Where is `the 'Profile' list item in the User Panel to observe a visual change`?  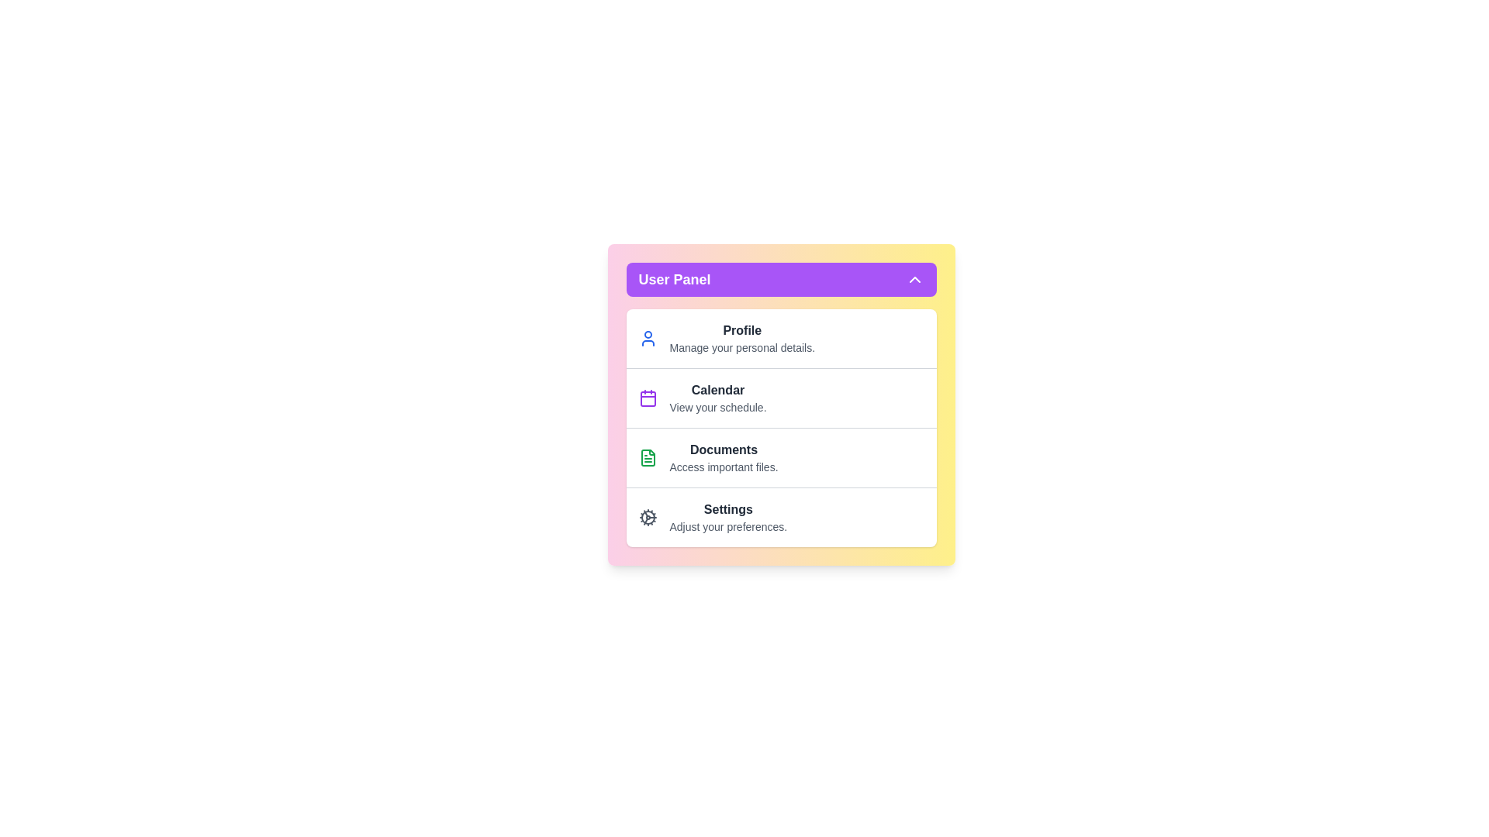 the 'Profile' list item in the User Panel to observe a visual change is located at coordinates (781, 337).